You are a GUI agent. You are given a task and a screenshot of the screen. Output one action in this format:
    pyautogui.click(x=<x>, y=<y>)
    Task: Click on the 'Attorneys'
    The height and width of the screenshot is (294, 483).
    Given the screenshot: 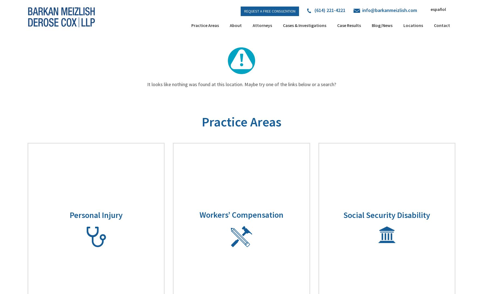 What is the action you would take?
    pyautogui.click(x=262, y=25)
    